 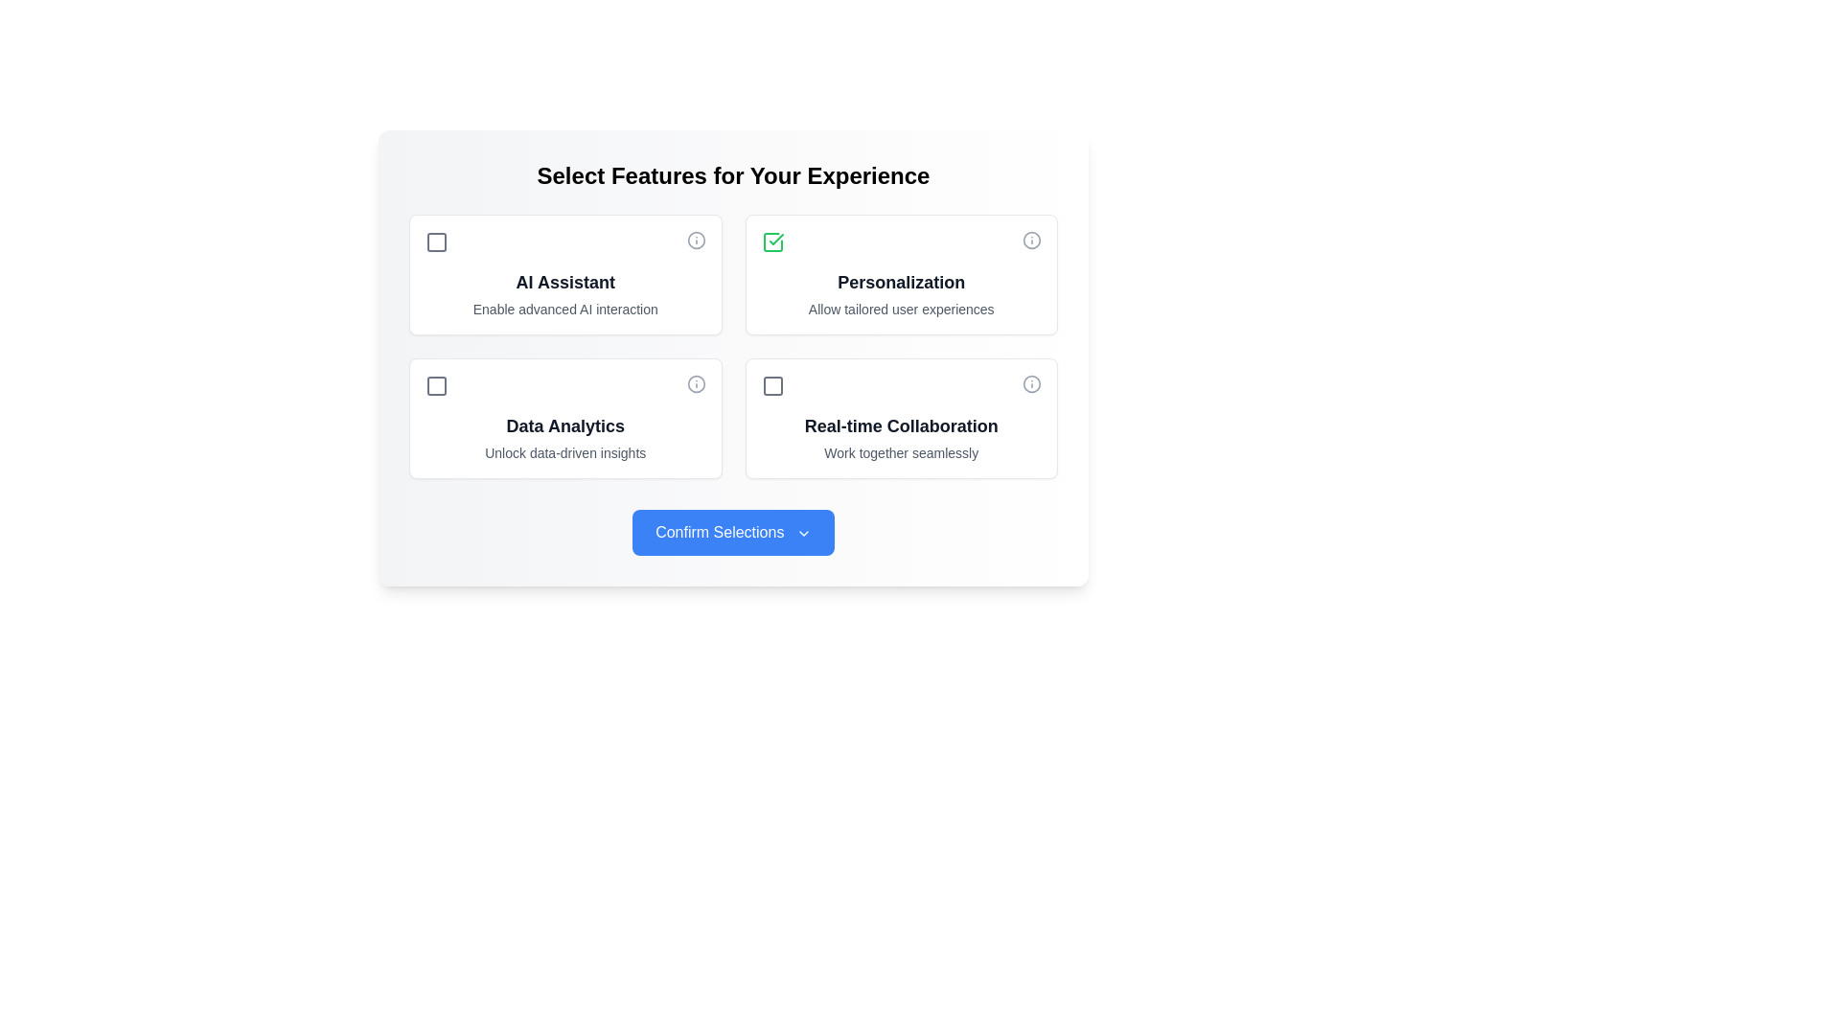 I want to click on the text label displaying 'Work together seamlessly', which is styled in a small font size and light gray color, located directly below 'Real-time Collaboration', so click(x=900, y=453).